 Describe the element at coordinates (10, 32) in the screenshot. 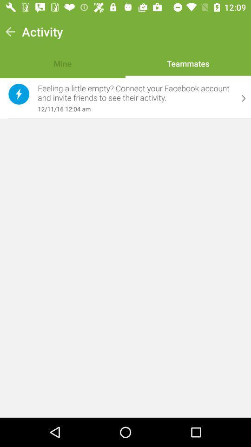

I see `the icon next to activity item` at that location.